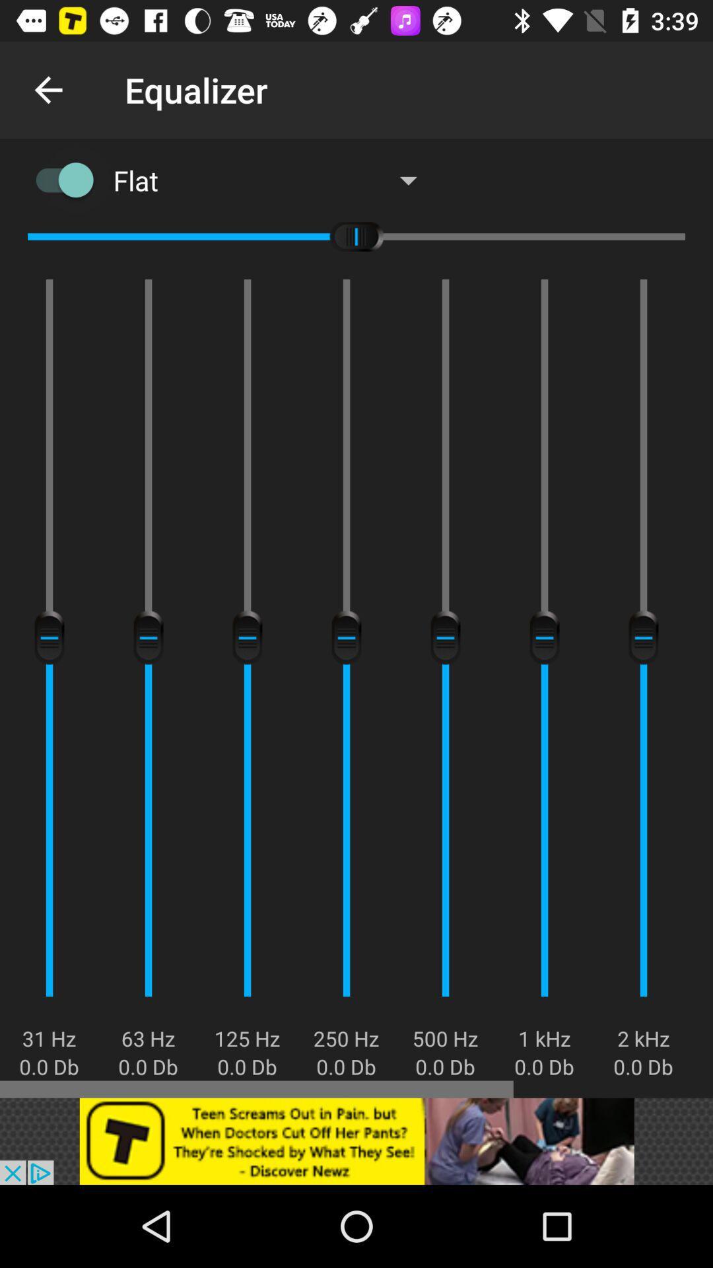 This screenshot has height=1268, width=713. I want to click on advertisement in the bottom, so click(356, 1141).